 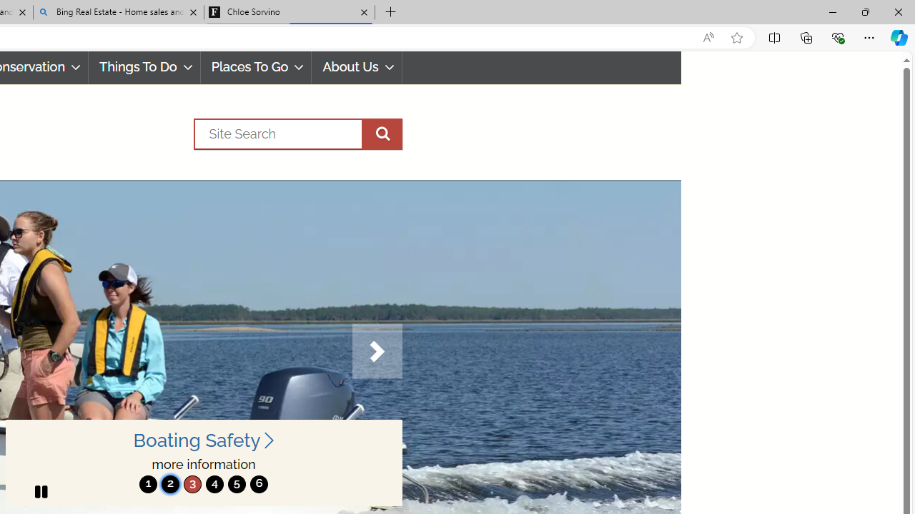 What do you see at coordinates (377, 351) in the screenshot?
I see `'Next'` at bounding box center [377, 351].